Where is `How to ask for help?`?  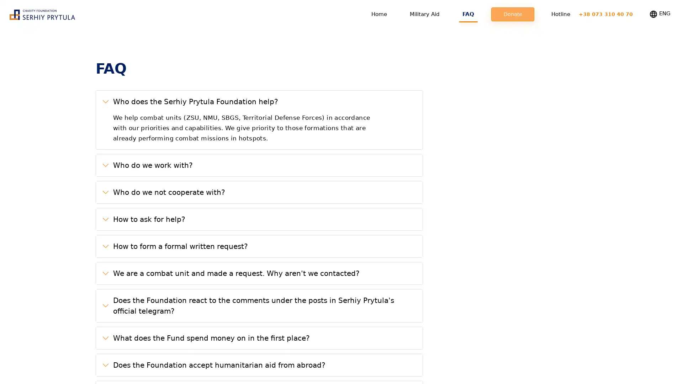 How to ask for help? is located at coordinates (259, 219).